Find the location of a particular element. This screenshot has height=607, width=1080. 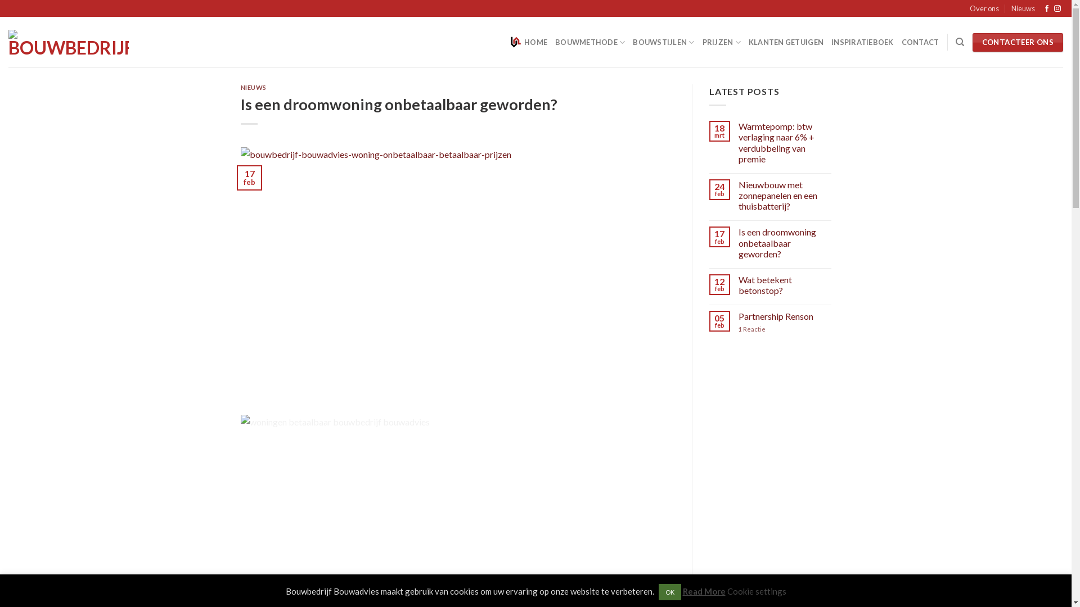

'Read More' is located at coordinates (682, 591).